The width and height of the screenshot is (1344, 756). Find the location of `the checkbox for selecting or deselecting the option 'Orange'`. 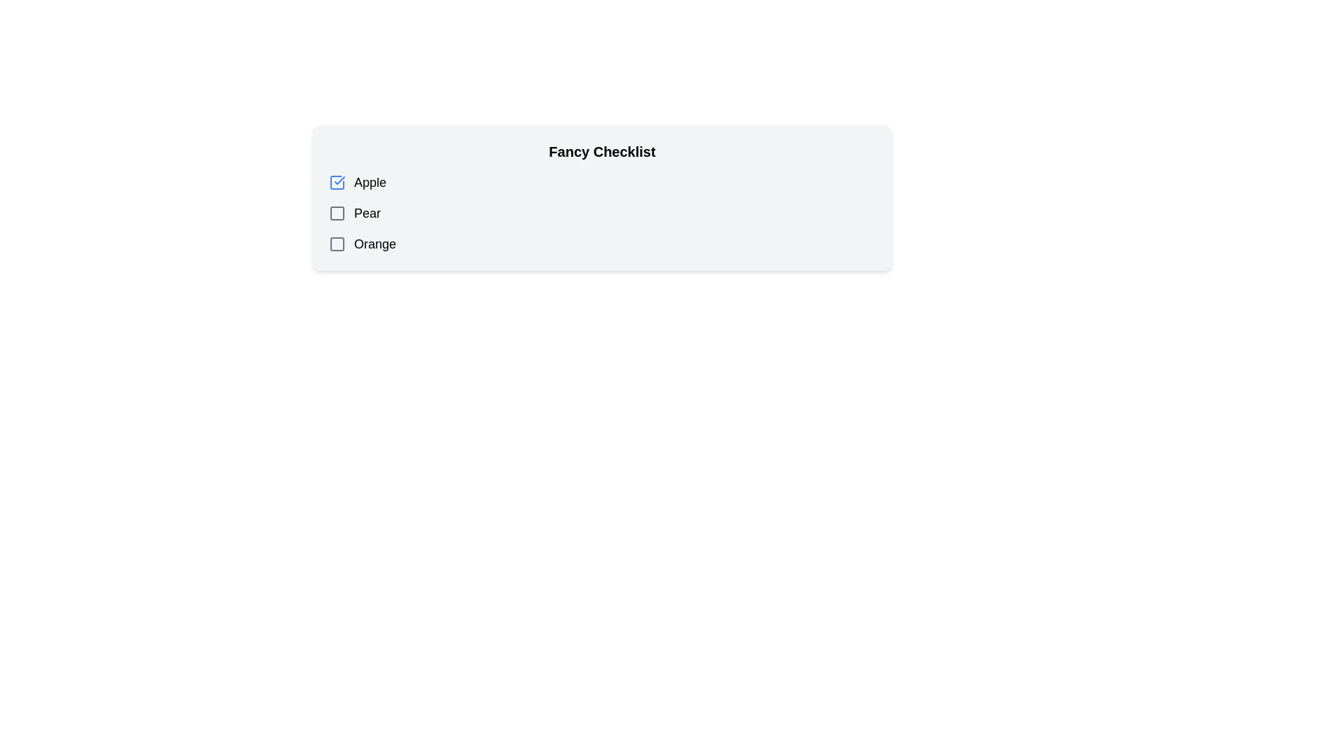

the checkbox for selecting or deselecting the option 'Orange' is located at coordinates (337, 243).